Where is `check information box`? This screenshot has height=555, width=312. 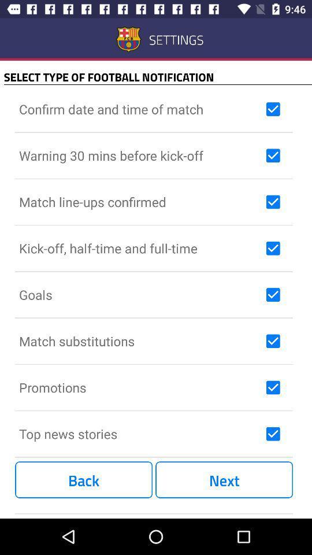 check information box is located at coordinates (273, 387).